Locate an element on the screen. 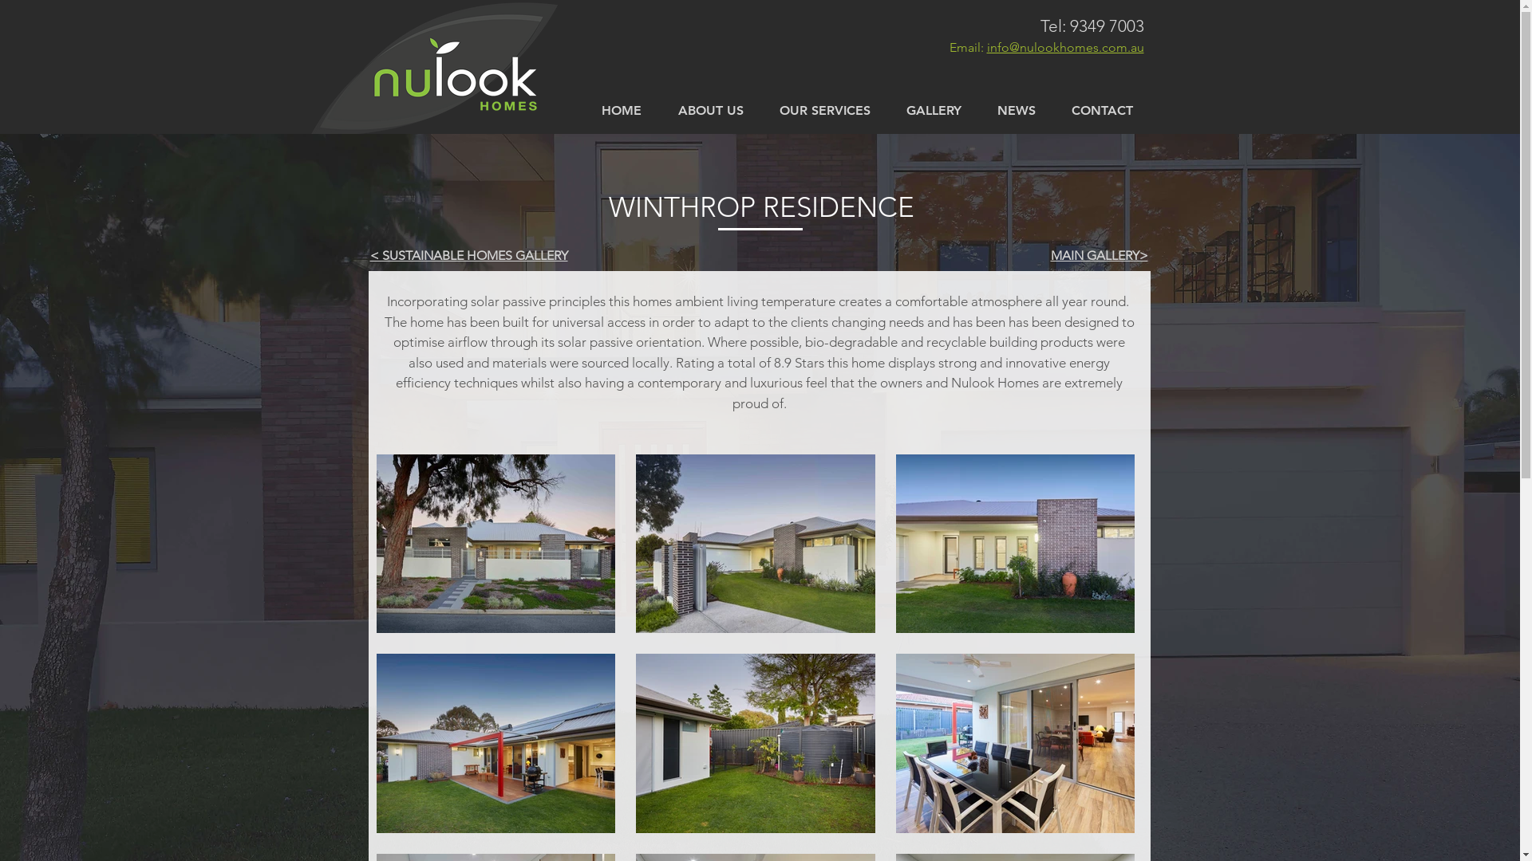  '< SUSTAINABLE HOMES GALLERY' is located at coordinates (468, 254).